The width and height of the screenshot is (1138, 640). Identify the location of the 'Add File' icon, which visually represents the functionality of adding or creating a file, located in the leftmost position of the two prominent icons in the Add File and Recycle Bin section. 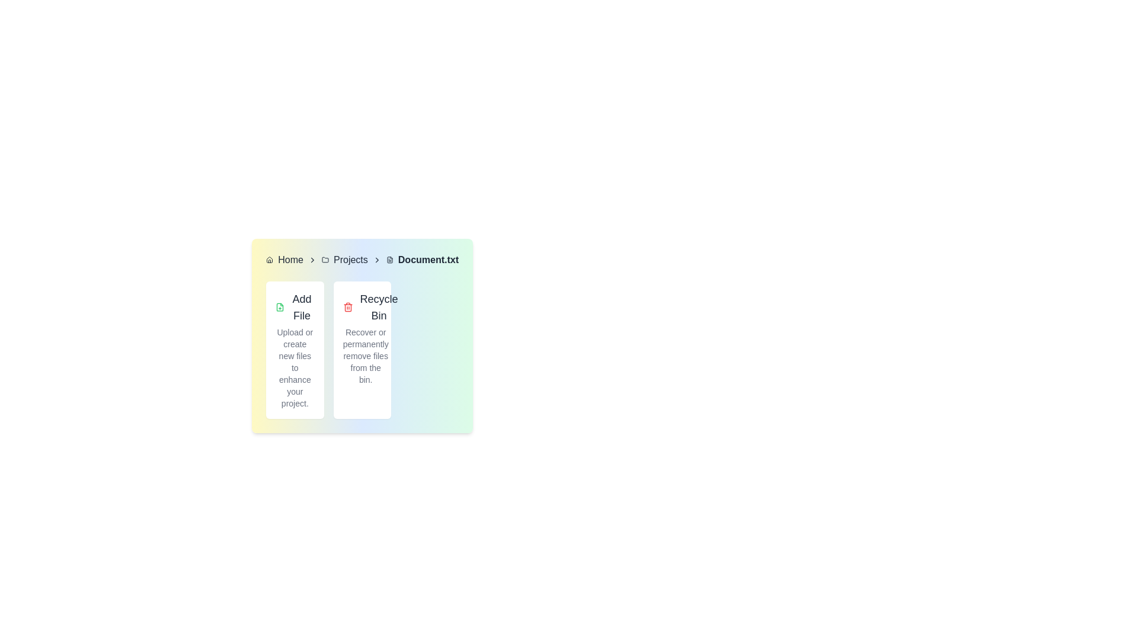
(279, 307).